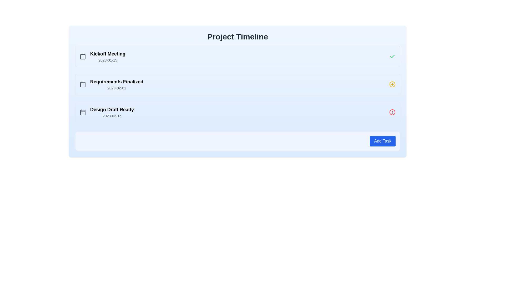  What do you see at coordinates (111, 84) in the screenshot?
I see `the text-based label indicating the milestone for the finalized requirements on February 1, 2023, which is the second entry in the timeline interface` at bounding box center [111, 84].